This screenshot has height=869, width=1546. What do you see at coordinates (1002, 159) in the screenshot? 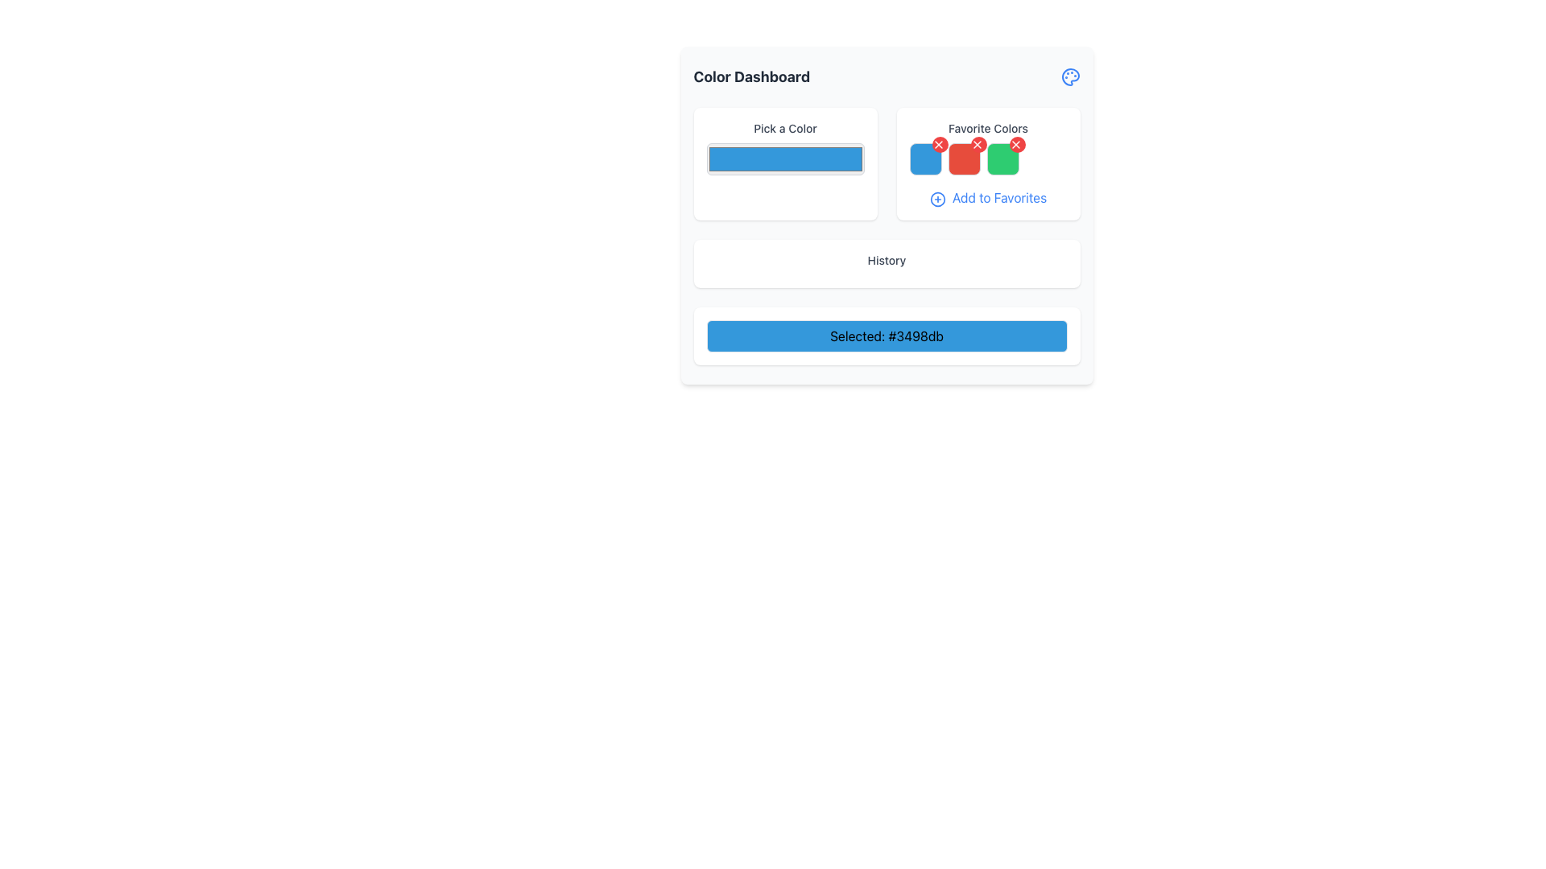
I see `the vibrant green color representation square, which is the third item` at bounding box center [1002, 159].